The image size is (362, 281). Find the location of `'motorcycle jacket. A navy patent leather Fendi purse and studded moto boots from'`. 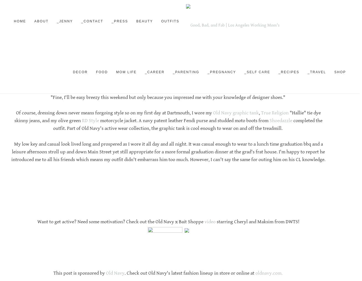

'motorcycle jacket. A navy patent leather Fendi purse and studded moto boots from' is located at coordinates (184, 121).